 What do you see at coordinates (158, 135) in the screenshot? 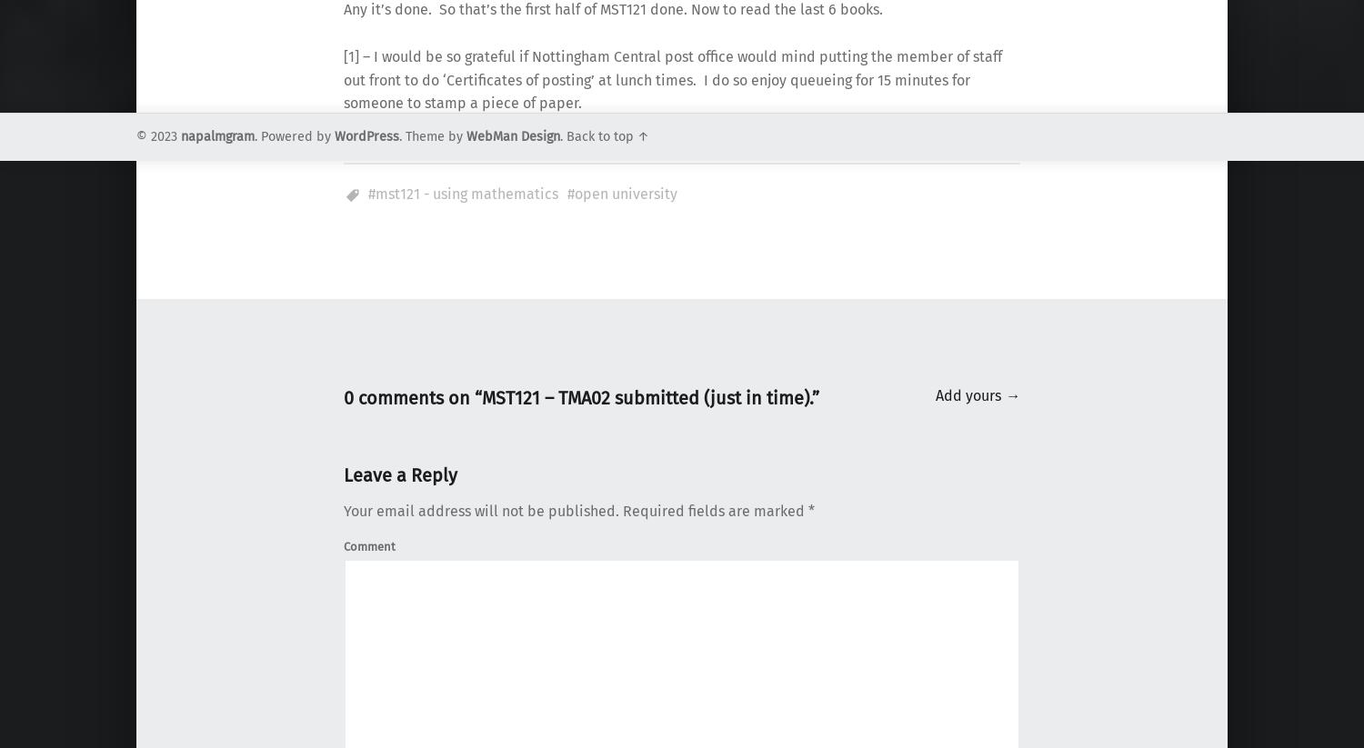
I see `'© 2023'` at bounding box center [158, 135].